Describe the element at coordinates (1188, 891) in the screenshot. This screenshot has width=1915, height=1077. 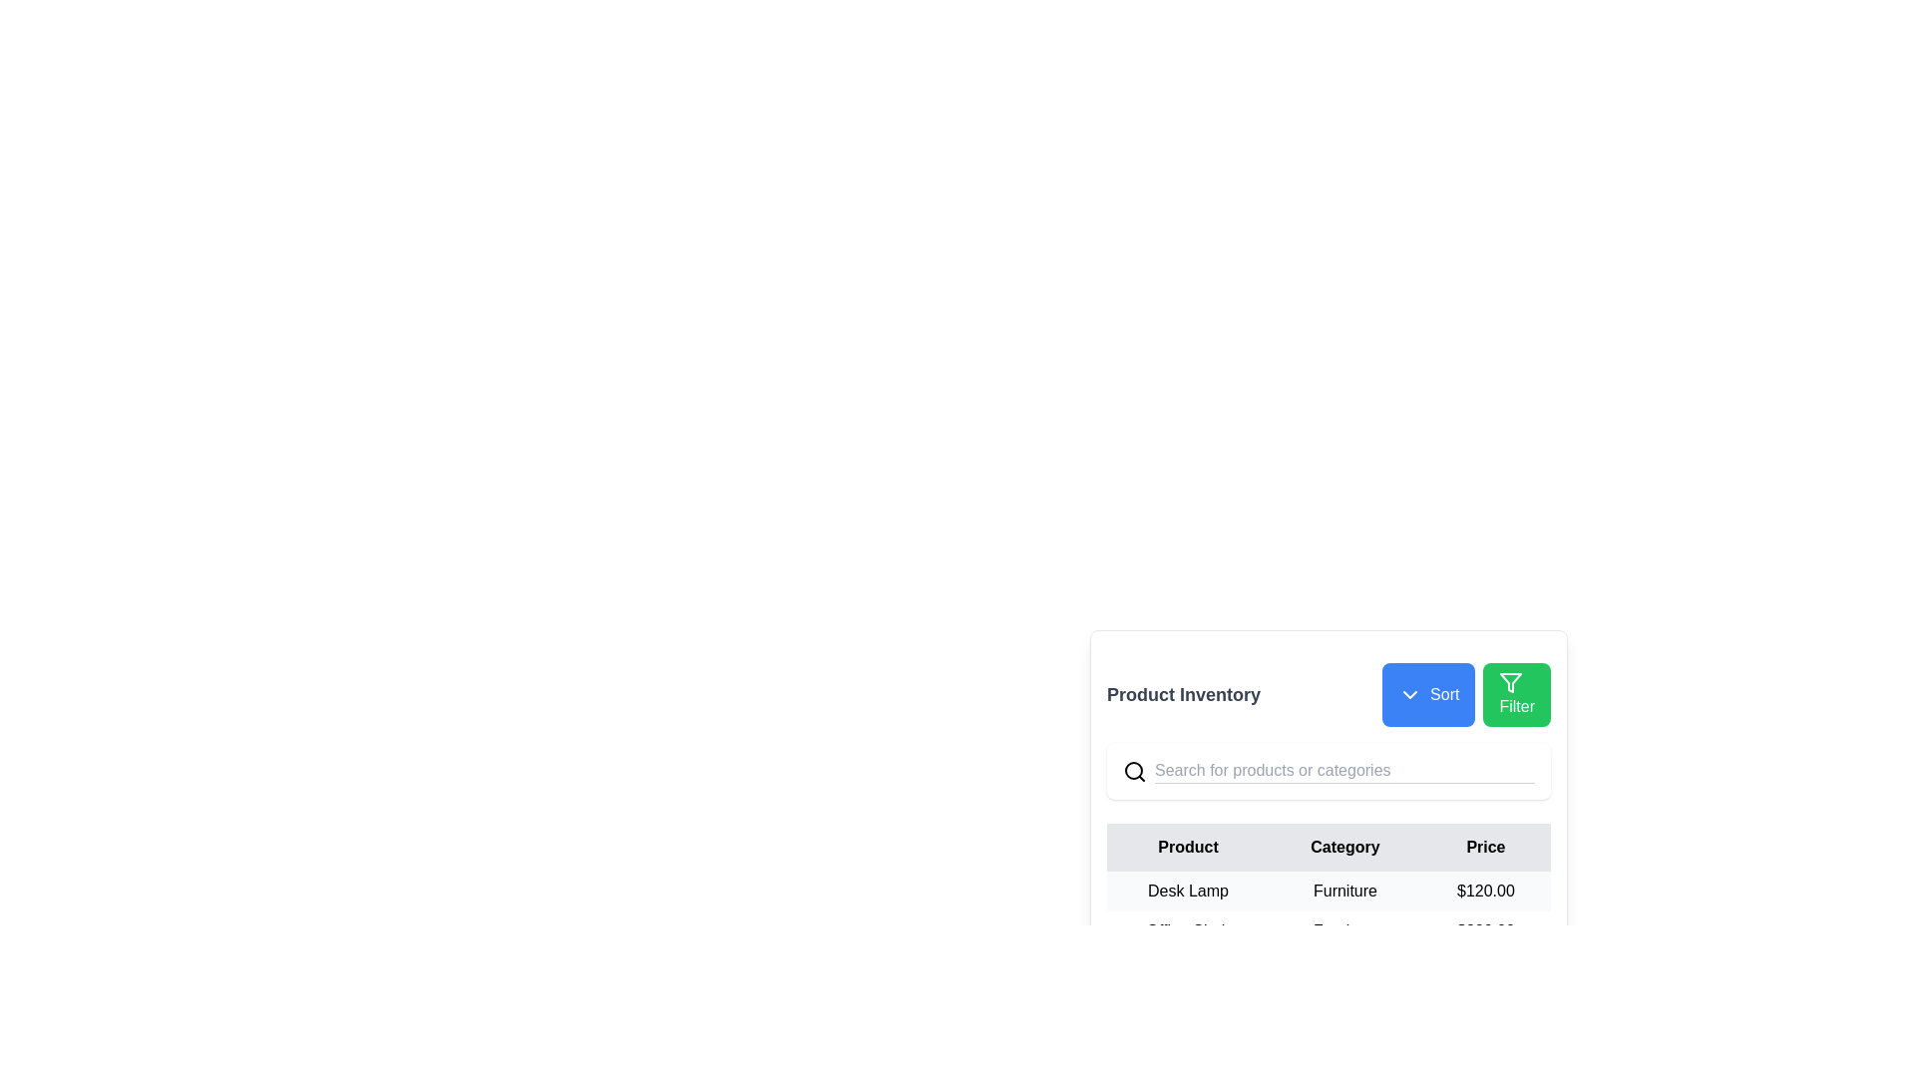
I see `text label displaying 'Desk Lamp' located in the first column of the table under the header 'Product'` at that location.